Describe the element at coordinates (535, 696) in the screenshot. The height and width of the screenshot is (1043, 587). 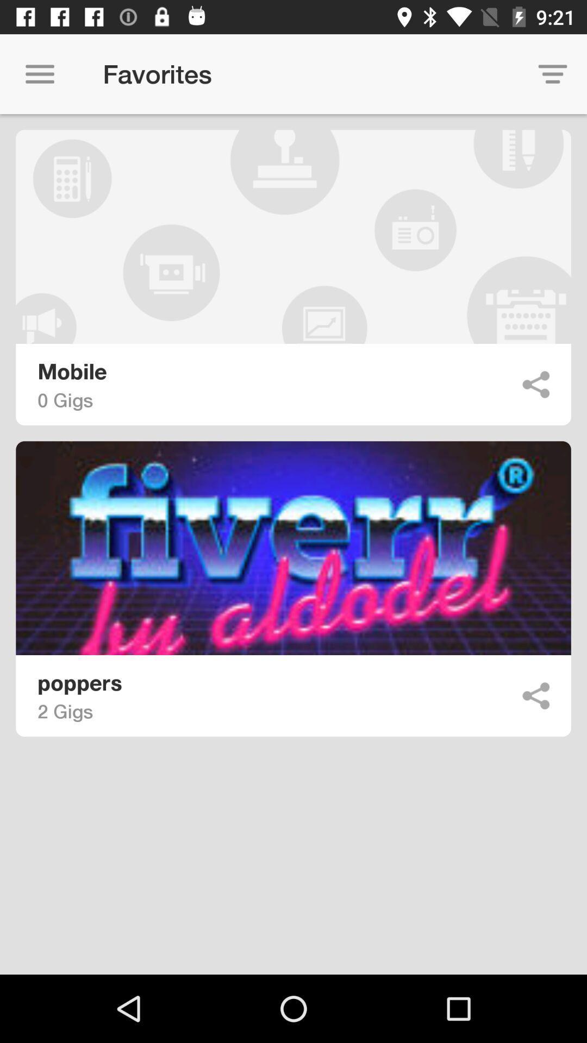
I see `share item` at that location.